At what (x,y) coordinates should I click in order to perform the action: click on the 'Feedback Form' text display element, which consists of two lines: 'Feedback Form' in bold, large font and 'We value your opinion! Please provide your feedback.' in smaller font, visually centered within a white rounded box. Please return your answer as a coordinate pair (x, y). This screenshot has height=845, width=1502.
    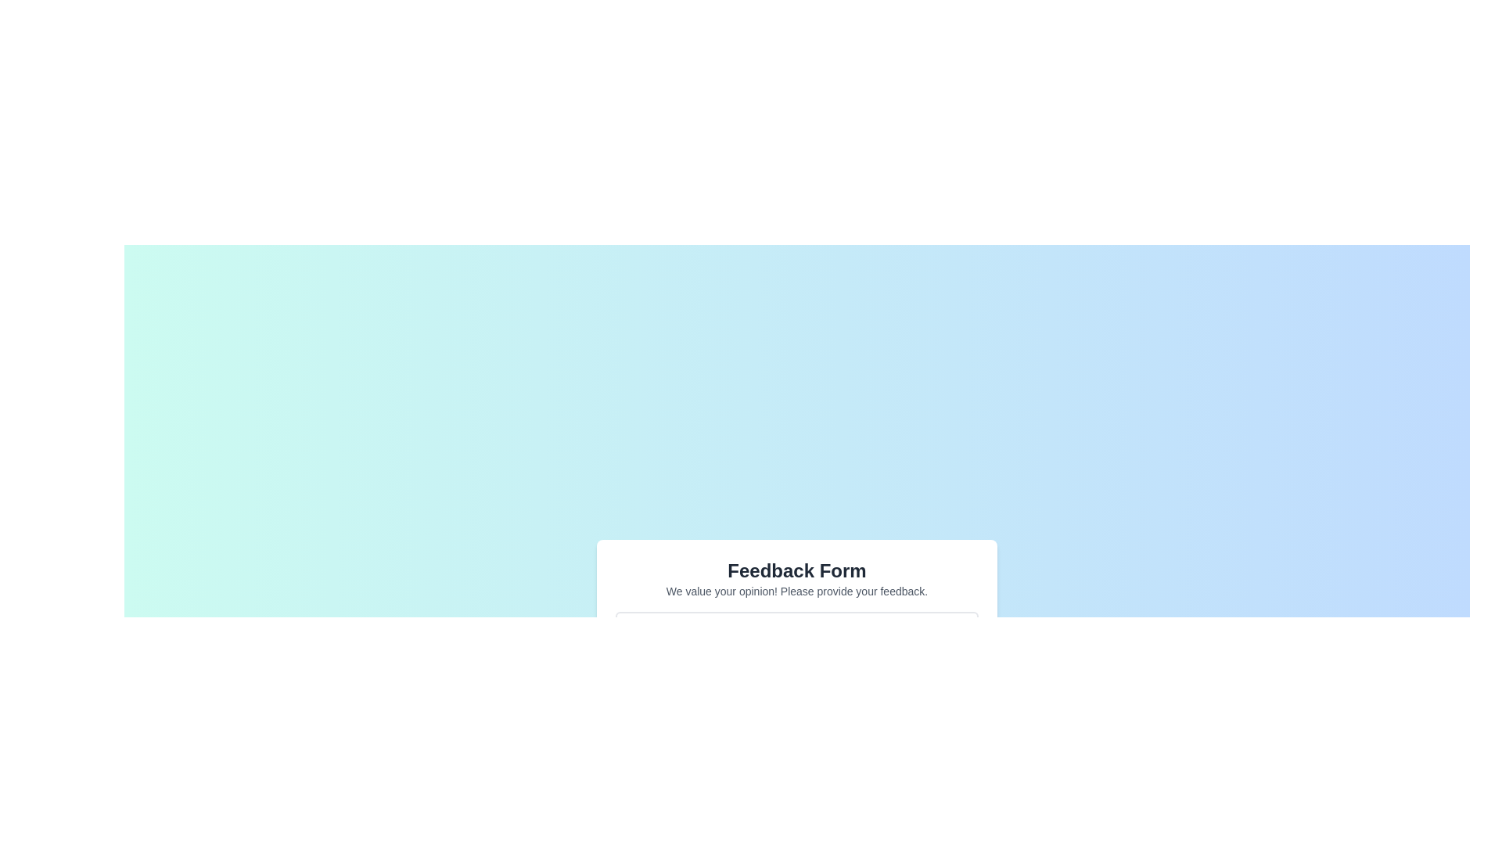
    Looking at the image, I should click on (796, 578).